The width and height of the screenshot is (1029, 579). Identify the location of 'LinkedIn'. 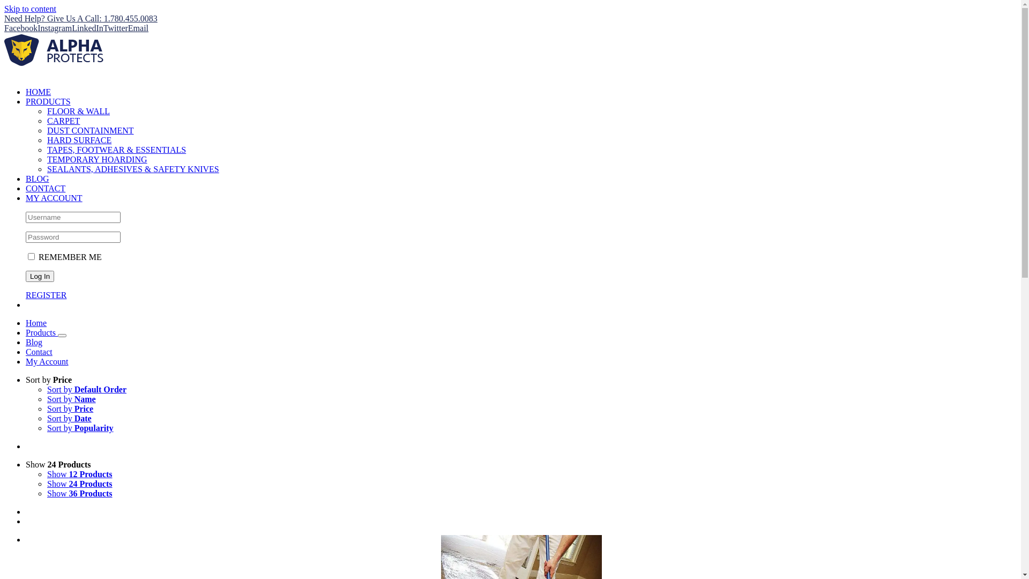
(71, 27).